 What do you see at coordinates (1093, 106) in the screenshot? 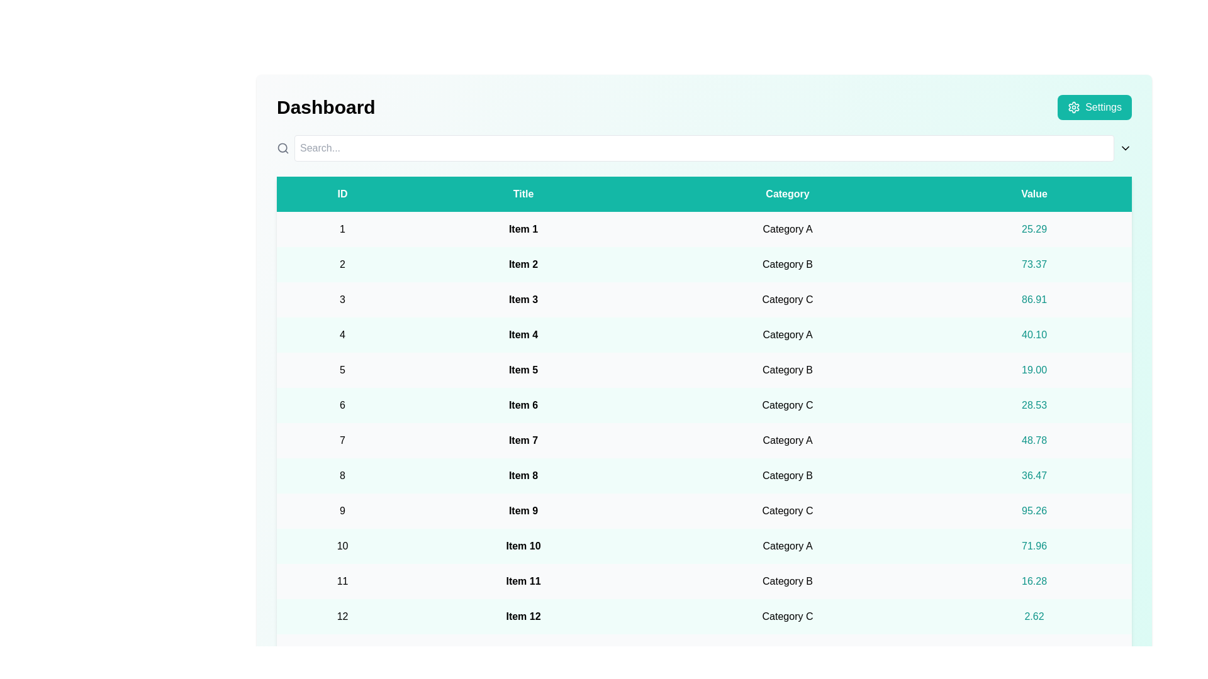
I see `the 'Settings' button located in the header` at bounding box center [1093, 106].